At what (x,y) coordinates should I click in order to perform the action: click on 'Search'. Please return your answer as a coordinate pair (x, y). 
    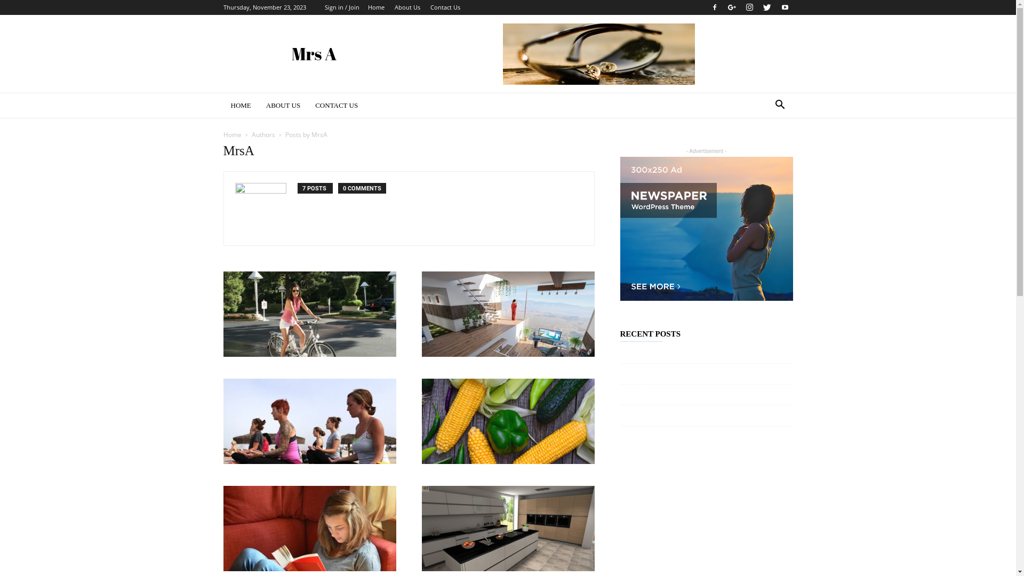
    Looking at the image, I should click on (762, 148).